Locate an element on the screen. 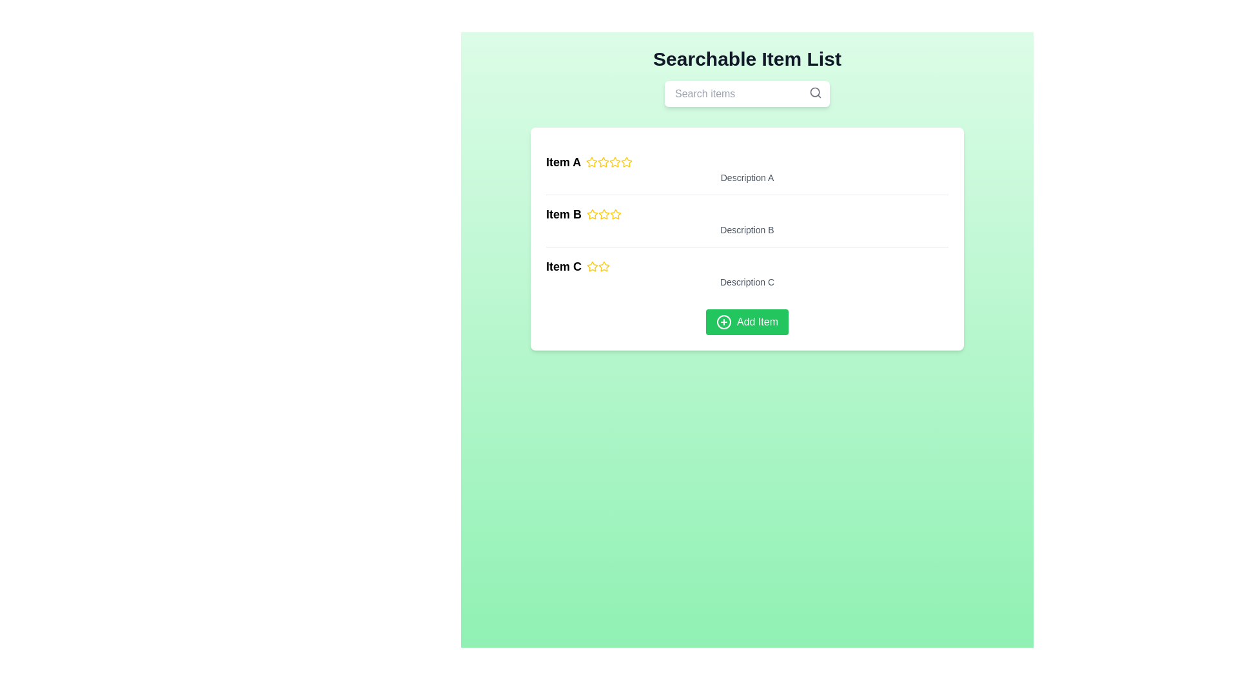  the 'Add New Item' button located at the bottom of the item list to observe the hover effects is located at coordinates (747, 322).